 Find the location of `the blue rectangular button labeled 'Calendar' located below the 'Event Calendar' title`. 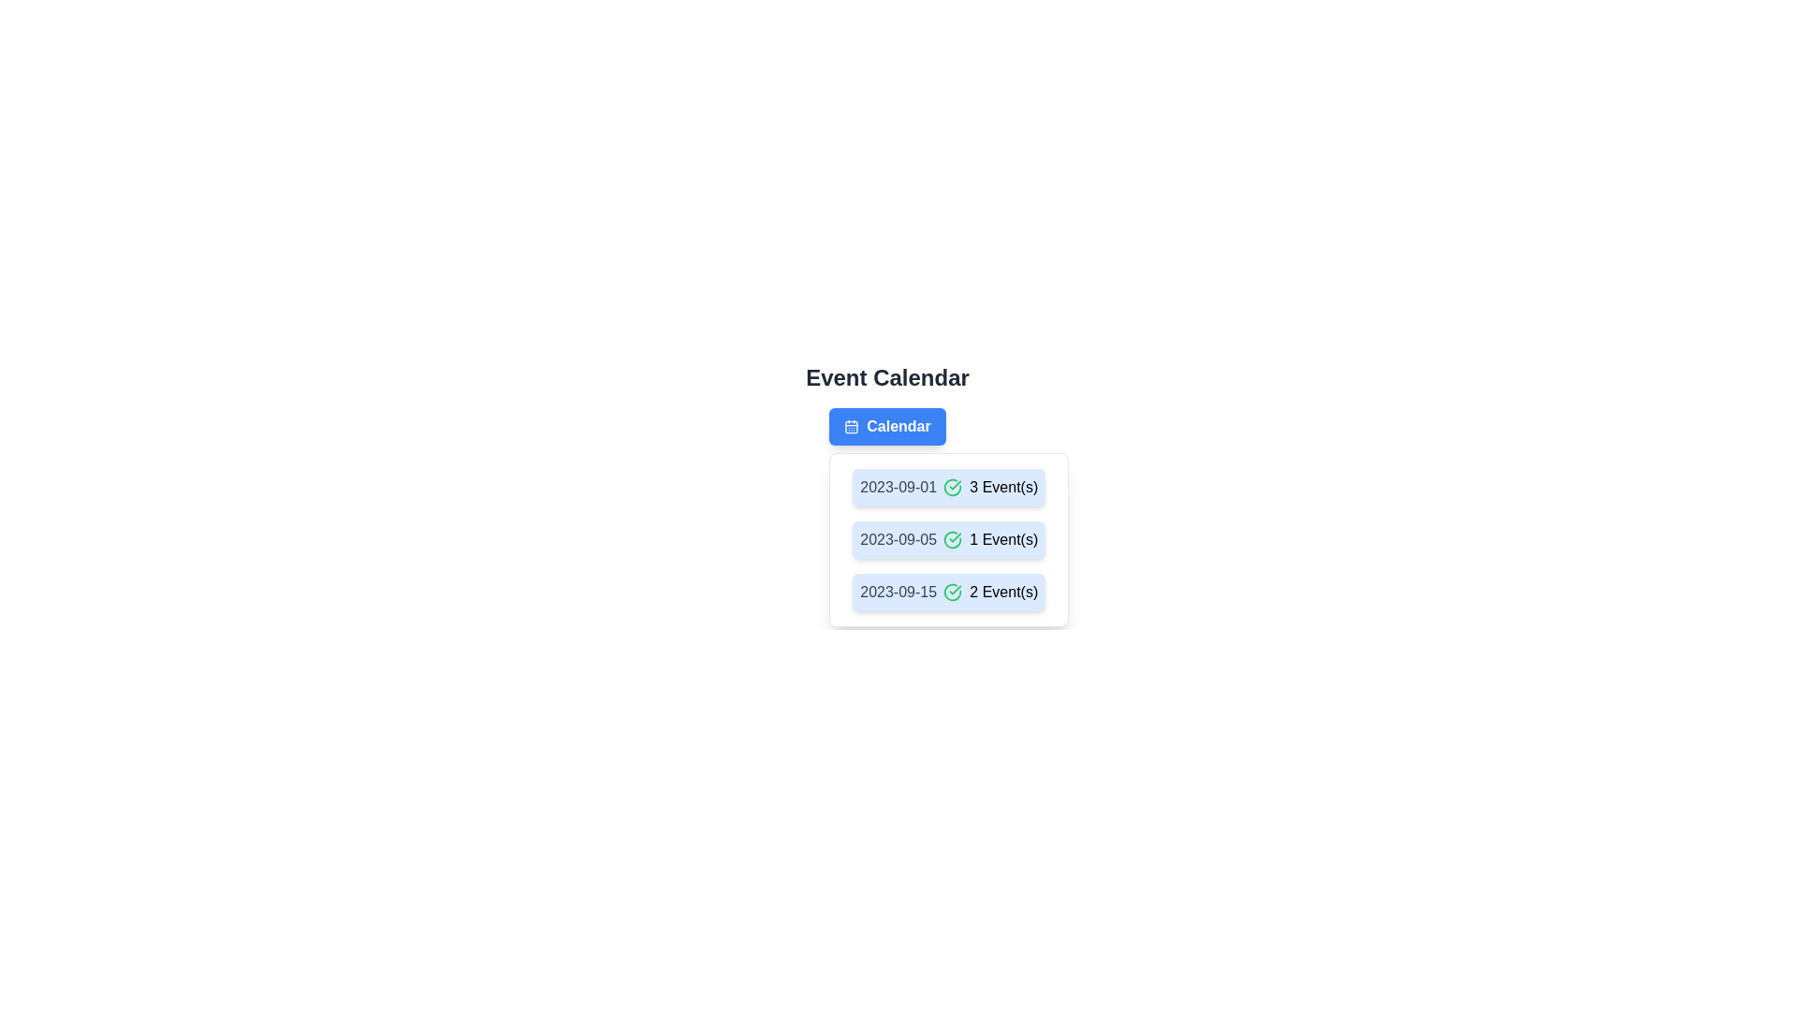

the blue rectangular button labeled 'Calendar' located below the 'Event Calendar' title is located at coordinates (886, 426).